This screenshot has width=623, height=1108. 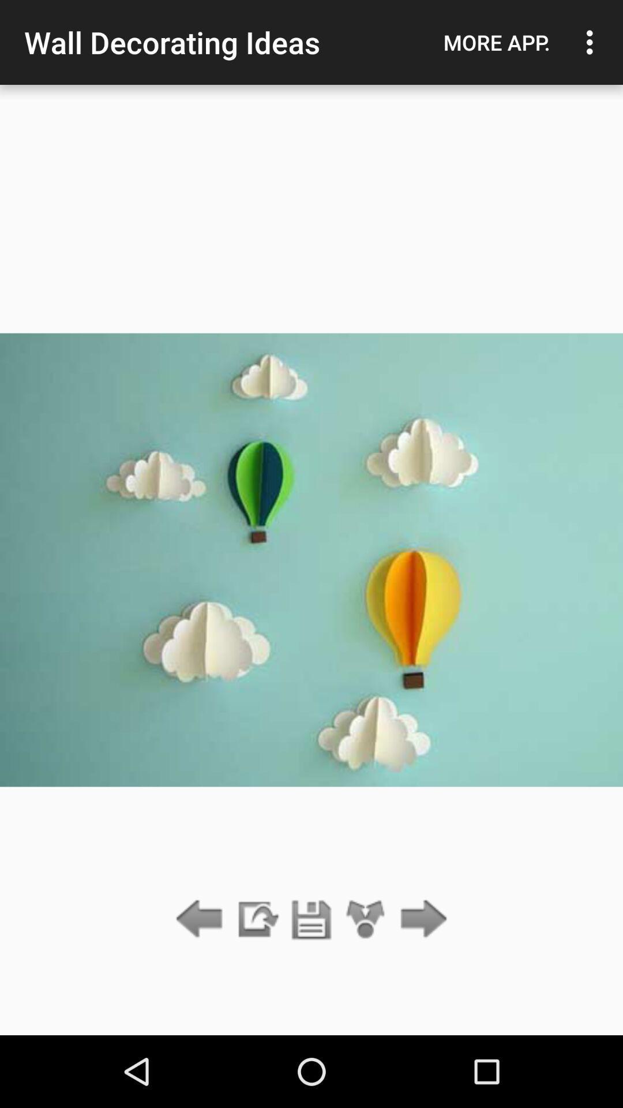 What do you see at coordinates (496, 42) in the screenshot?
I see `the icon next to the wall decorating ideas item` at bounding box center [496, 42].